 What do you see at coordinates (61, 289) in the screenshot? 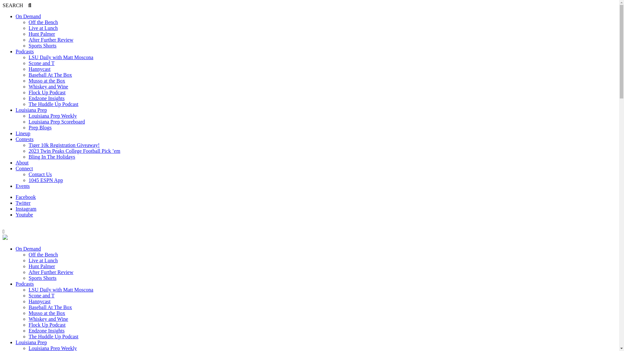
I see `'LSU Daily with Matt Moscona'` at bounding box center [61, 289].